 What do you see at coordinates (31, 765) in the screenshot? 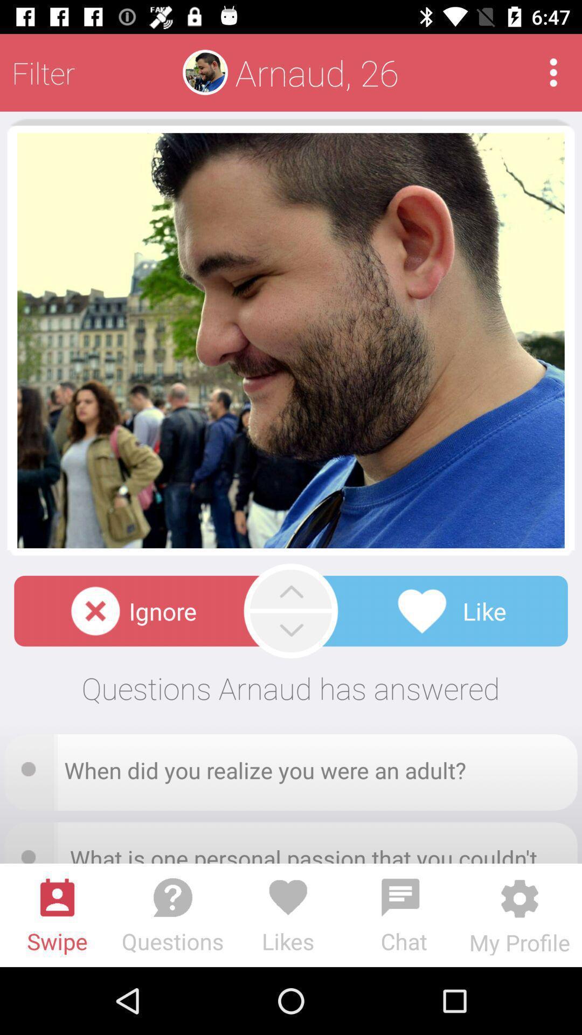
I see `reorder answer` at bounding box center [31, 765].